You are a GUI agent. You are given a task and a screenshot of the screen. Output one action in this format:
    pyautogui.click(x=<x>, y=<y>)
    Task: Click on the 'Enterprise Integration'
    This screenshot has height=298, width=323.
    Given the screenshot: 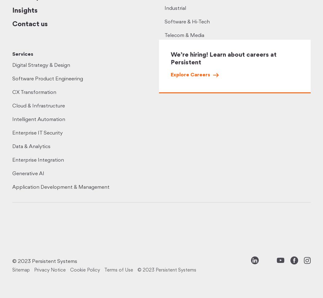 What is the action you would take?
    pyautogui.click(x=12, y=160)
    